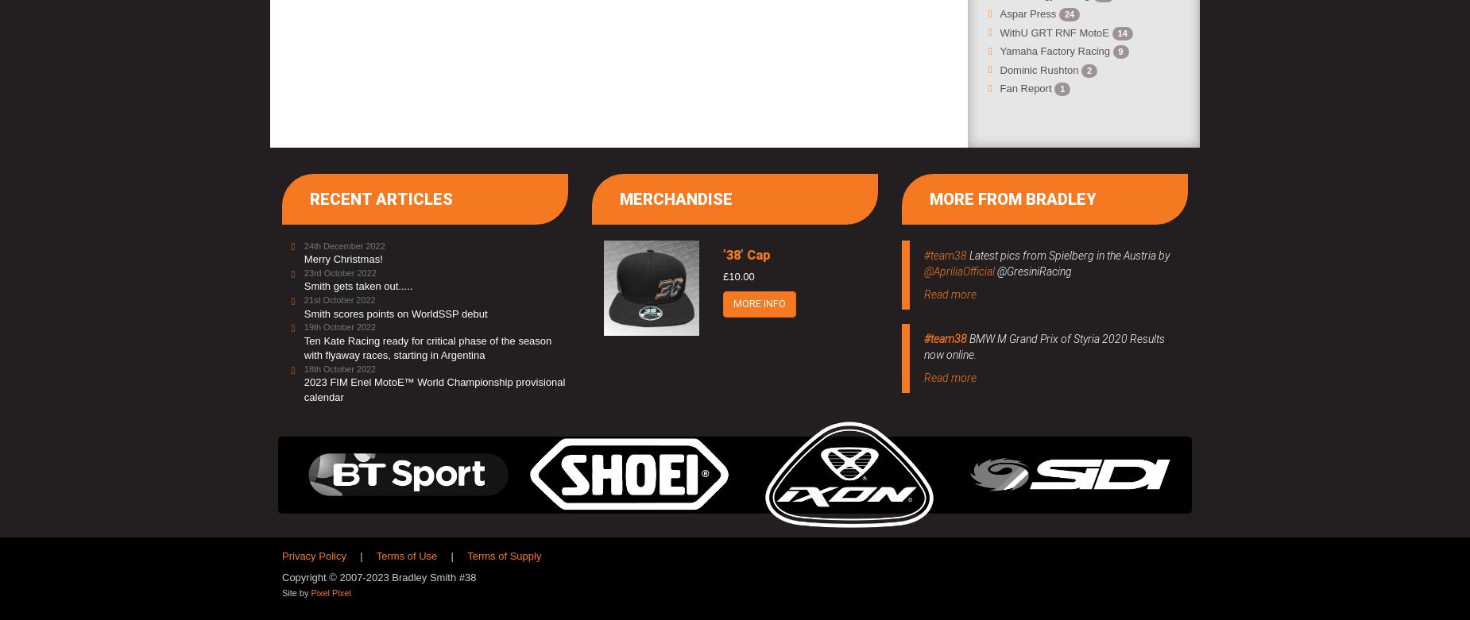  I want to click on 'Privacy Policy', so click(281, 554).